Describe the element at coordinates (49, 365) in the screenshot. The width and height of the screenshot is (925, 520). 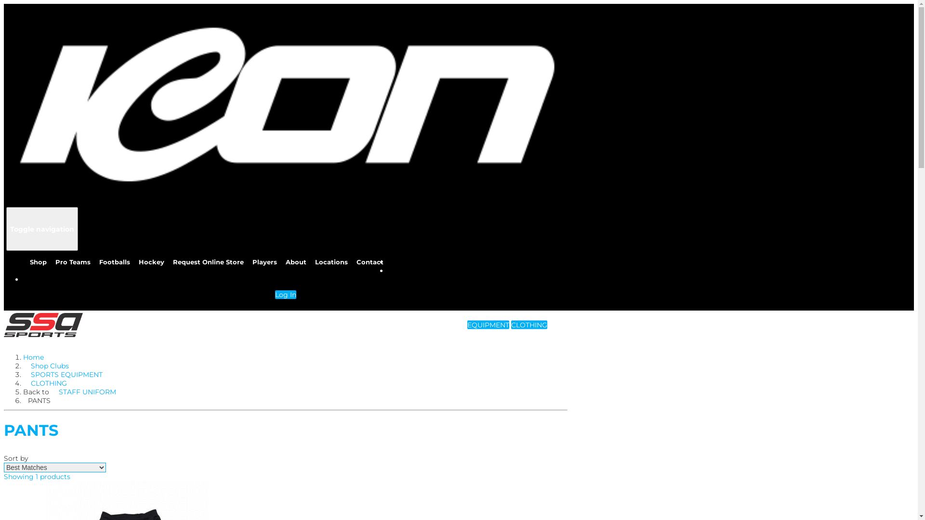
I see `'Shop Clubs'` at that location.